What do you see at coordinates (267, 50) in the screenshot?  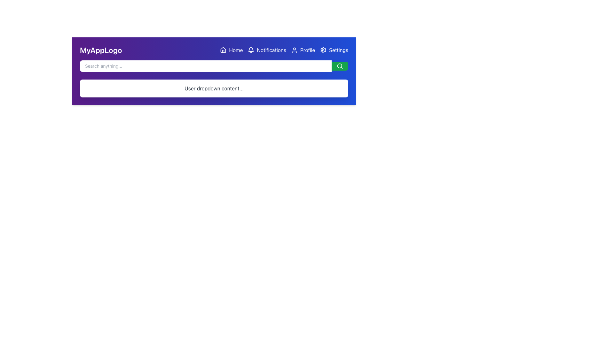 I see `the notifications button located in the horizontal navigation bar between 'Home' and 'Profile'` at bounding box center [267, 50].